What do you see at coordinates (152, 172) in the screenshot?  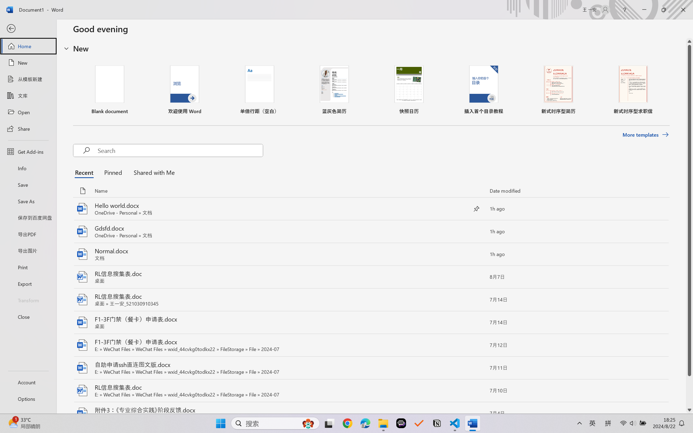 I see `'Shared with Me'` at bounding box center [152, 172].